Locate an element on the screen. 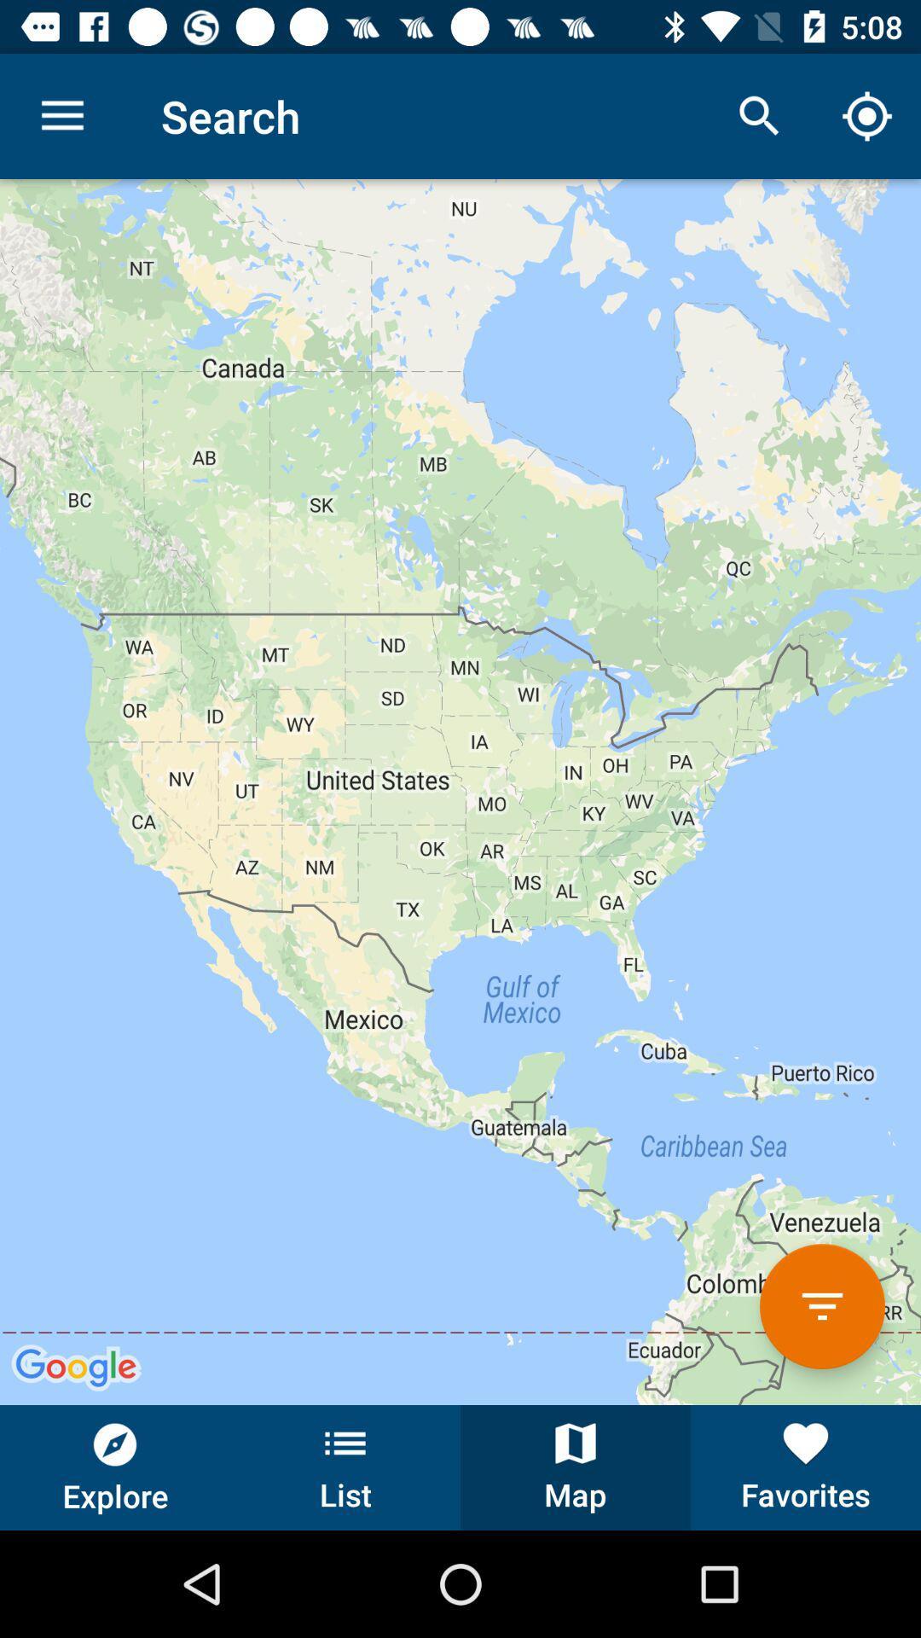 This screenshot has height=1638, width=921. the button above favorites is located at coordinates (821, 1305).